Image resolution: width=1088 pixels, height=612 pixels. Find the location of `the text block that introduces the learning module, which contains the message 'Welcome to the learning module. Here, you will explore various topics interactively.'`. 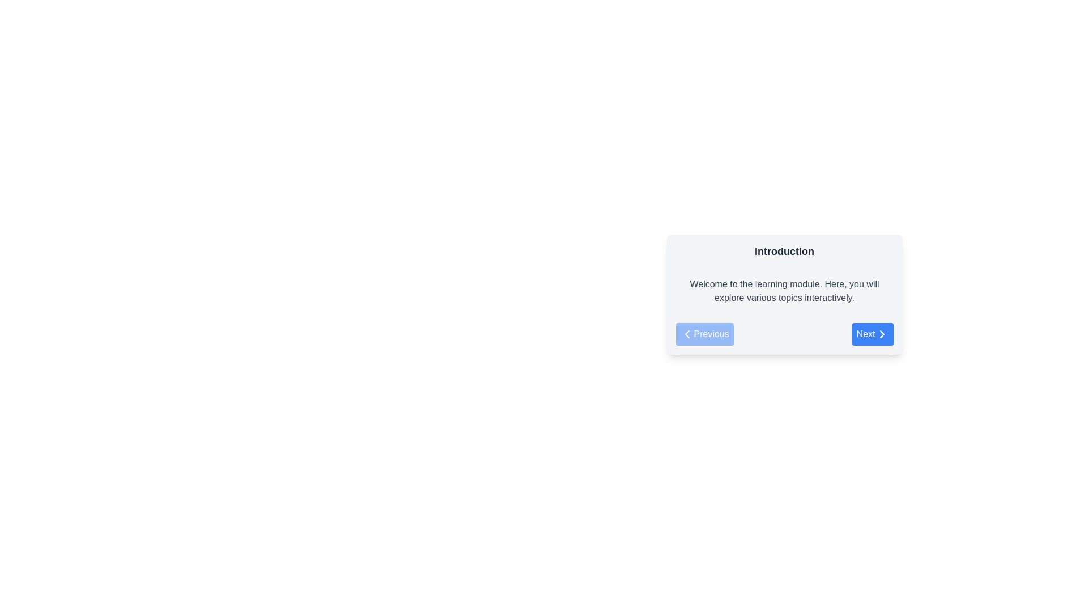

the text block that introduces the learning module, which contains the message 'Welcome to the learning module. Here, you will explore various topics interactively.' is located at coordinates (784, 290).